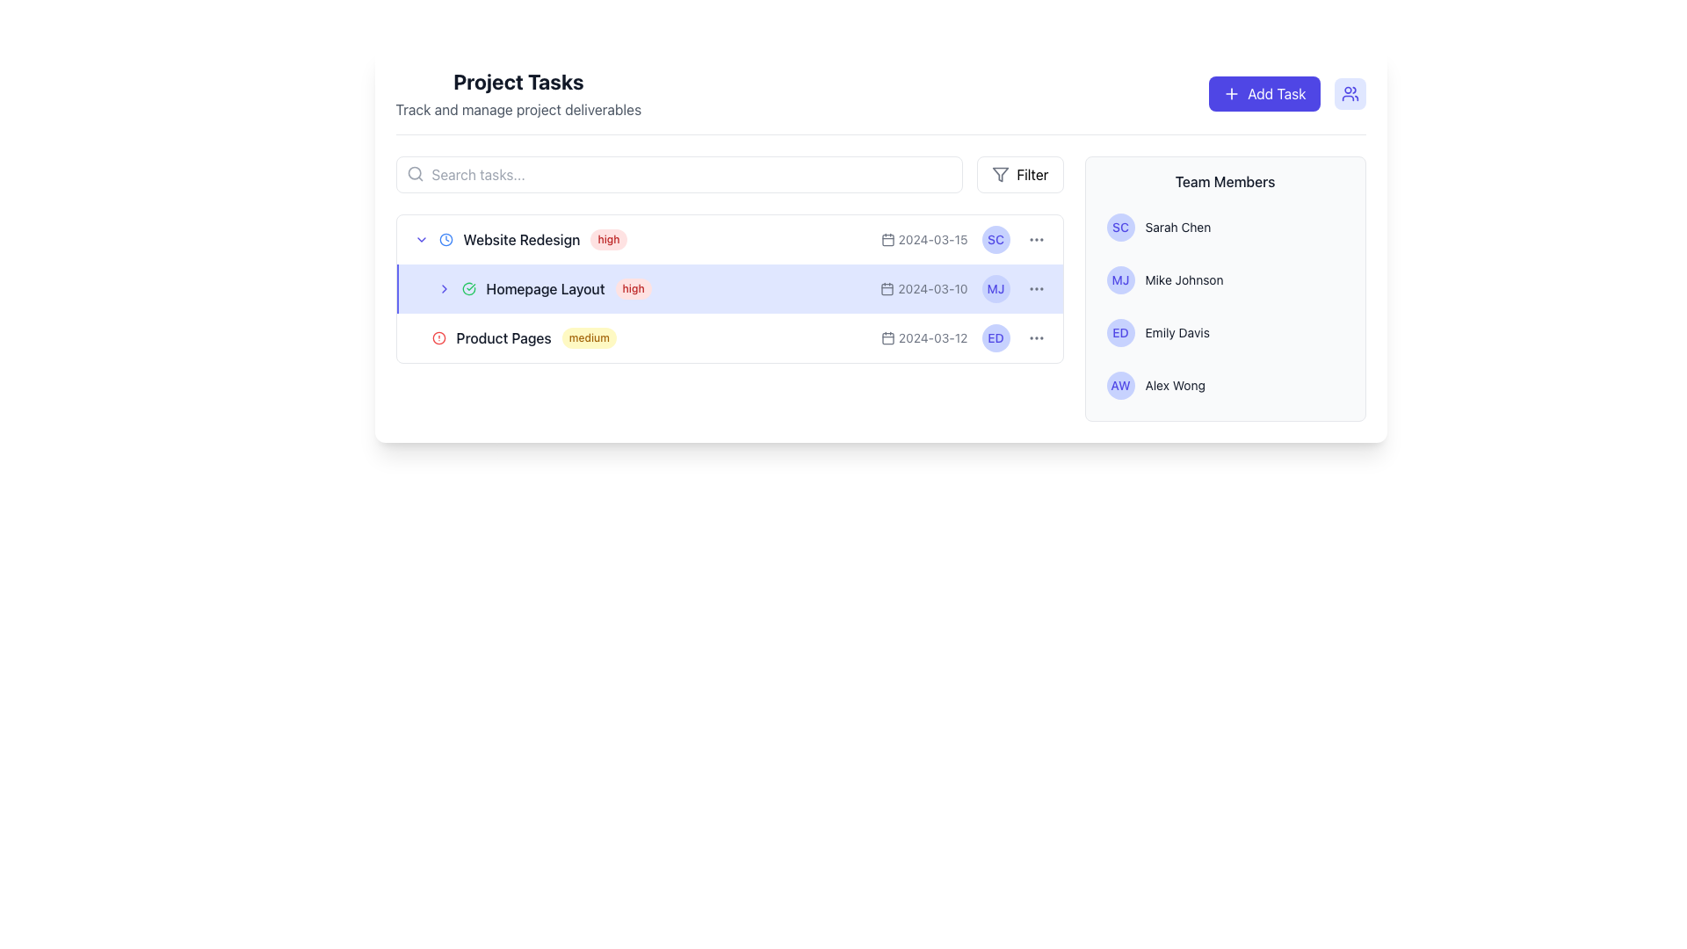 This screenshot has width=1687, height=949. Describe the element at coordinates (608, 240) in the screenshot. I see `the text badge labeled 'high' that is displayed in a light red rounded rectangle, located adjacent to 'Website Redesign' in the first task of a vertical list` at that location.